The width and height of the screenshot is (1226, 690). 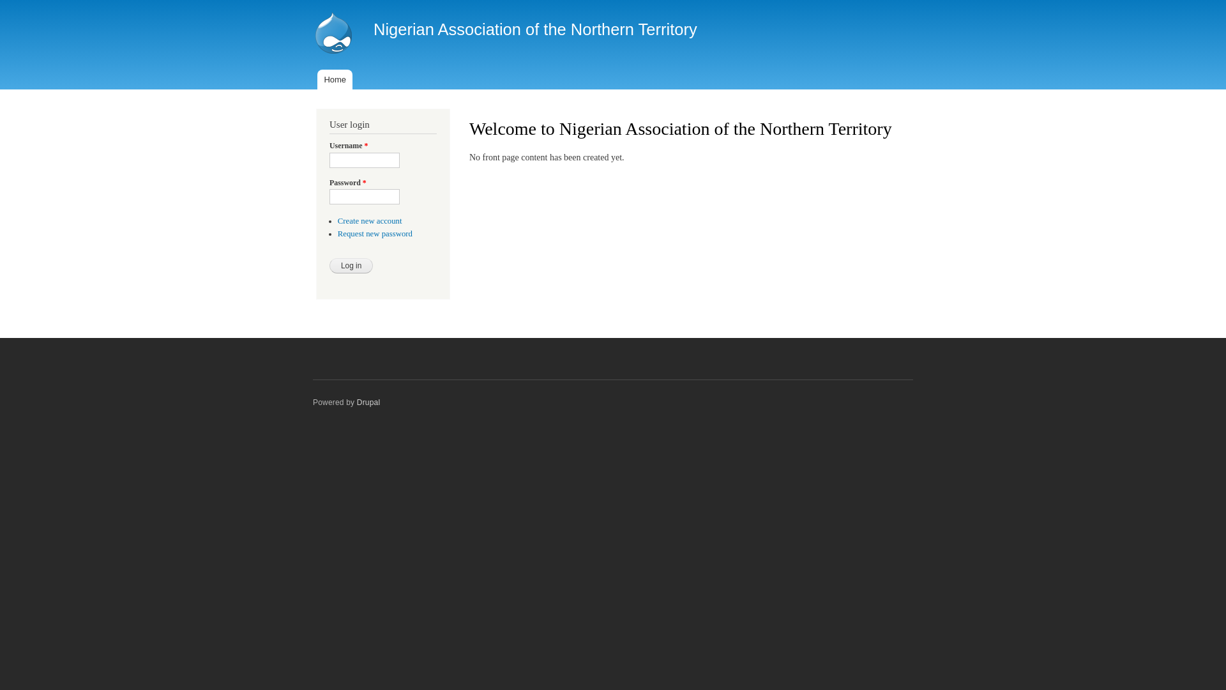 What do you see at coordinates (368, 401) in the screenshot?
I see `'Drupal'` at bounding box center [368, 401].